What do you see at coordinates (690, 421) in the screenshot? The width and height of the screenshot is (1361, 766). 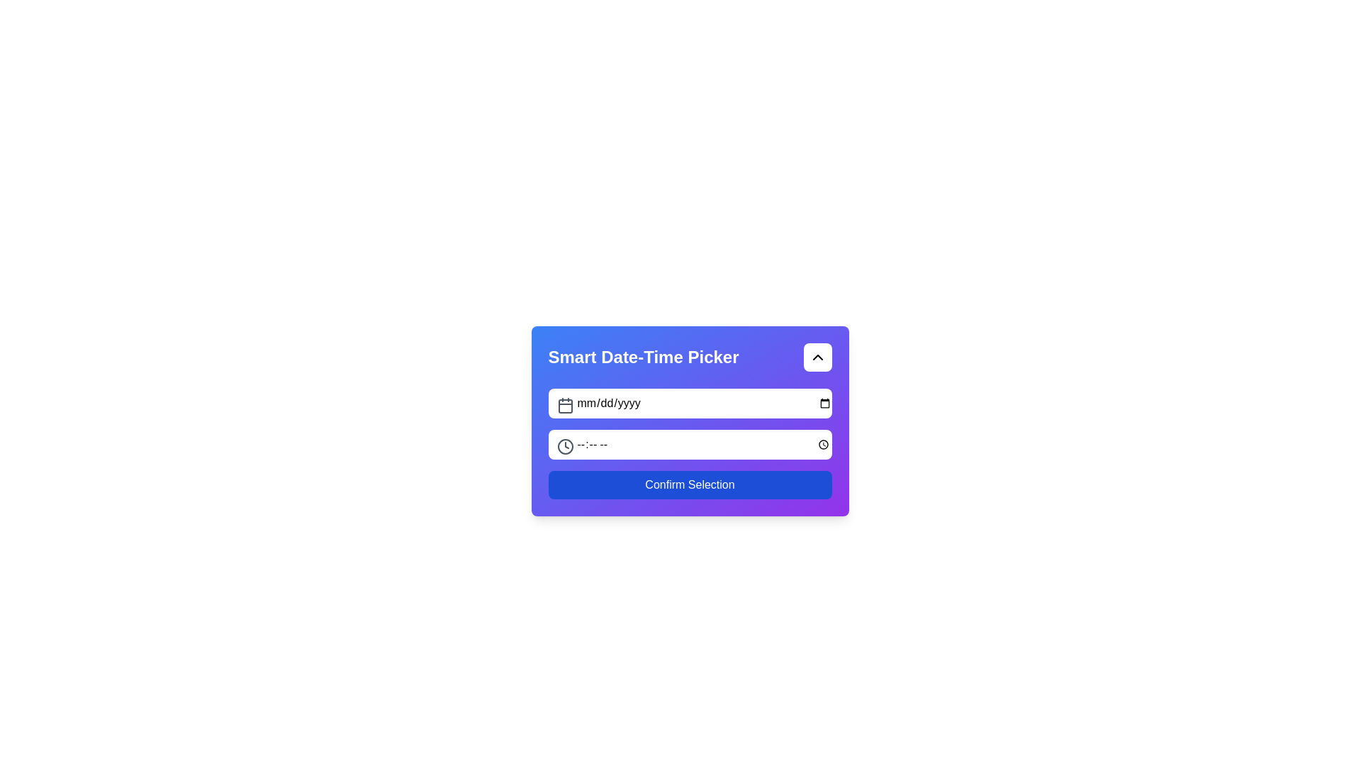 I see `a date or time by clicking on the calendar or clock input fields in the centered input form component with a gradient background` at bounding box center [690, 421].